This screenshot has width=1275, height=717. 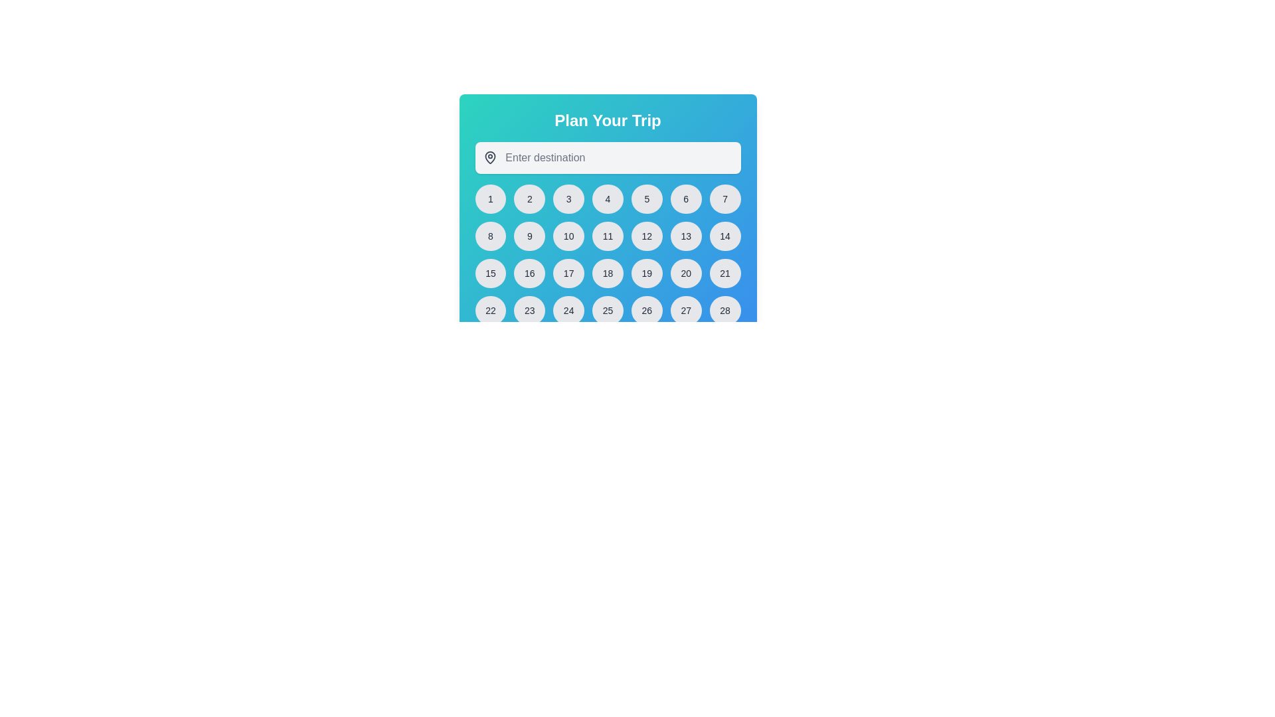 I want to click on the circular button with a light gray background and dark text showing the number '17', so click(x=568, y=273).